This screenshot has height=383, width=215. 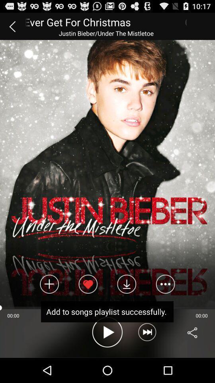 I want to click on the more icon, so click(x=165, y=304).